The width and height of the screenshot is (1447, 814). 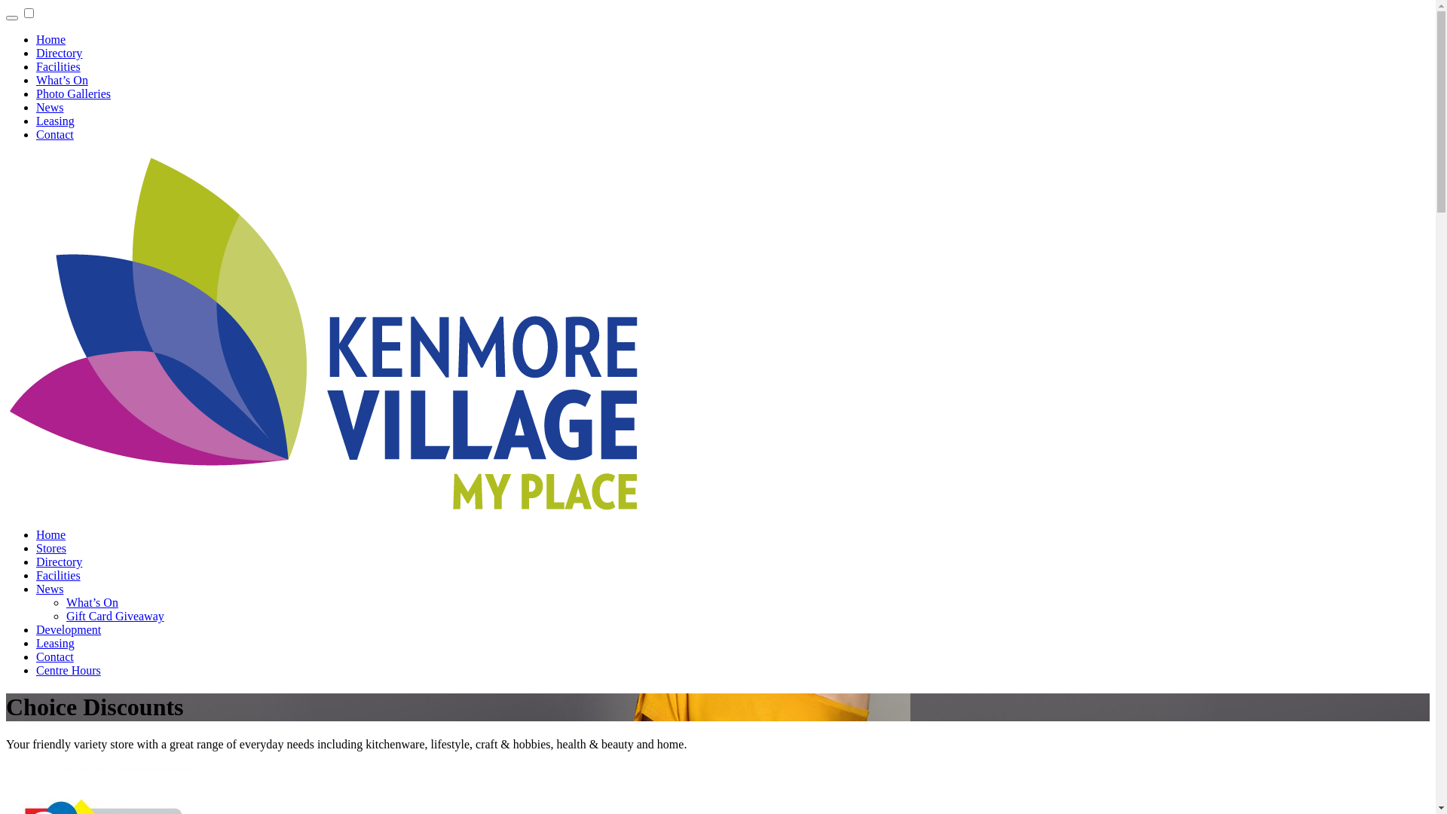 I want to click on 'Photo Galleries', so click(x=36, y=93).